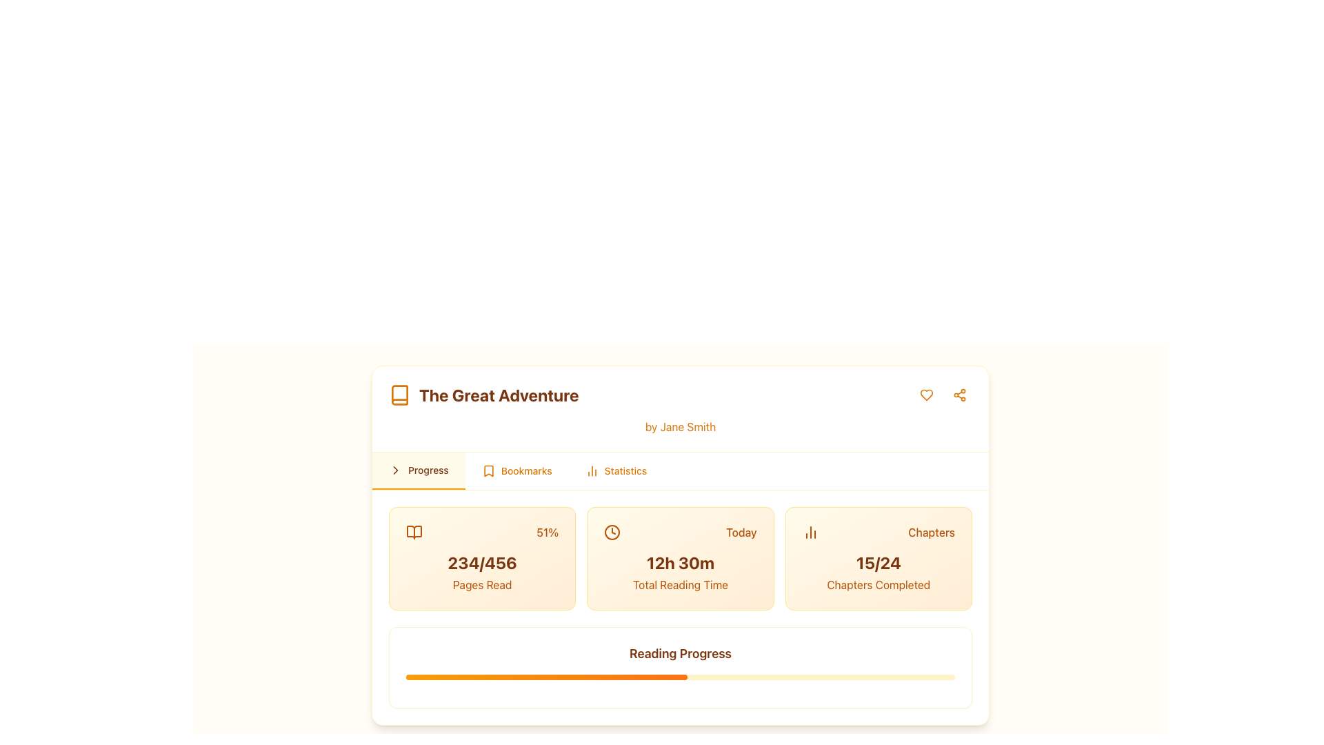  Describe the element at coordinates (592, 470) in the screenshot. I see `the icon resembling a vertical bar chart located in the 'Statistics' tab section` at that location.